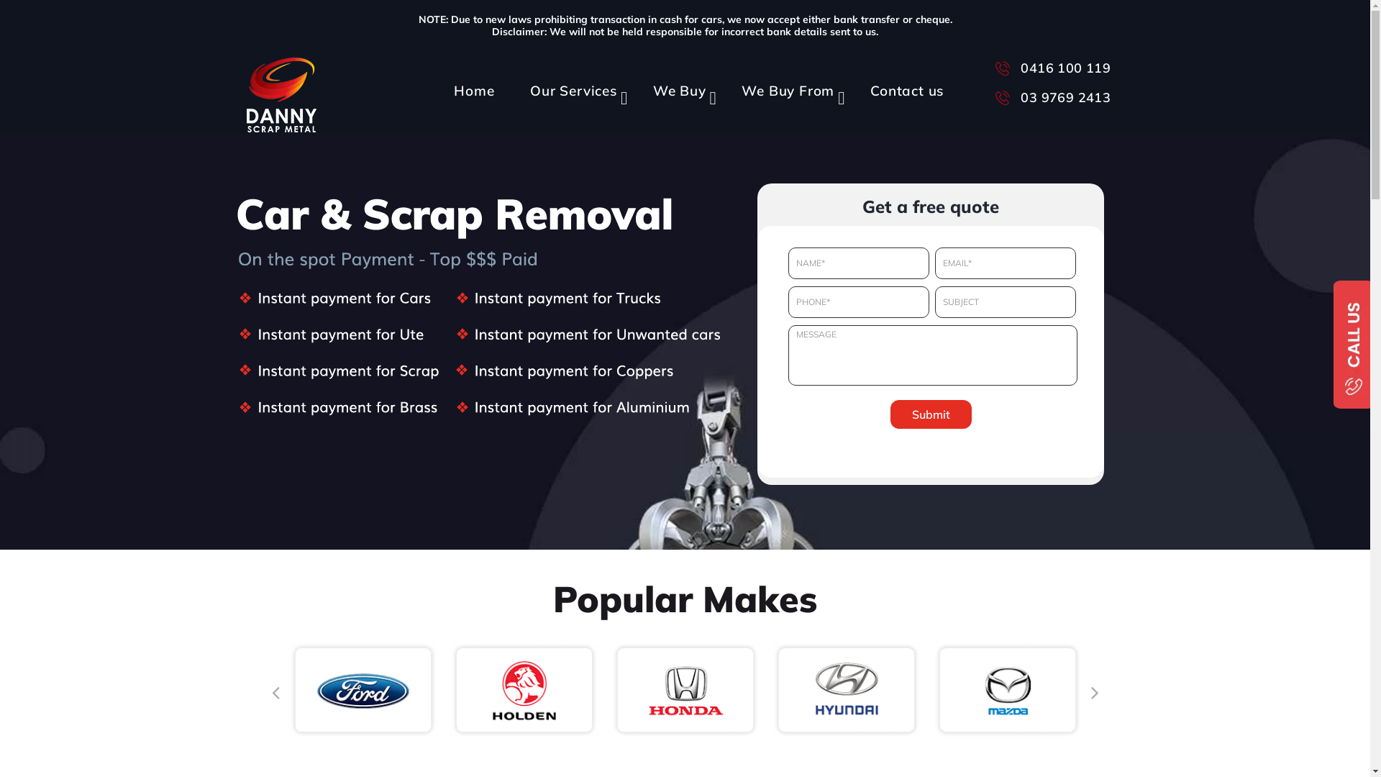  What do you see at coordinates (508, 83) in the screenshot?
I see `'Our Services'` at bounding box center [508, 83].